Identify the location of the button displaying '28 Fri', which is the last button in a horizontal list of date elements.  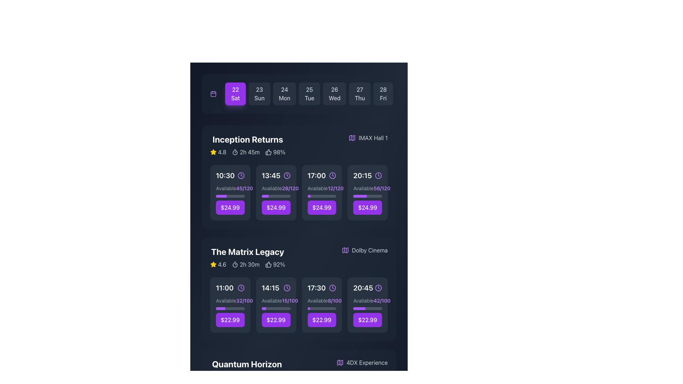
(383, 93).